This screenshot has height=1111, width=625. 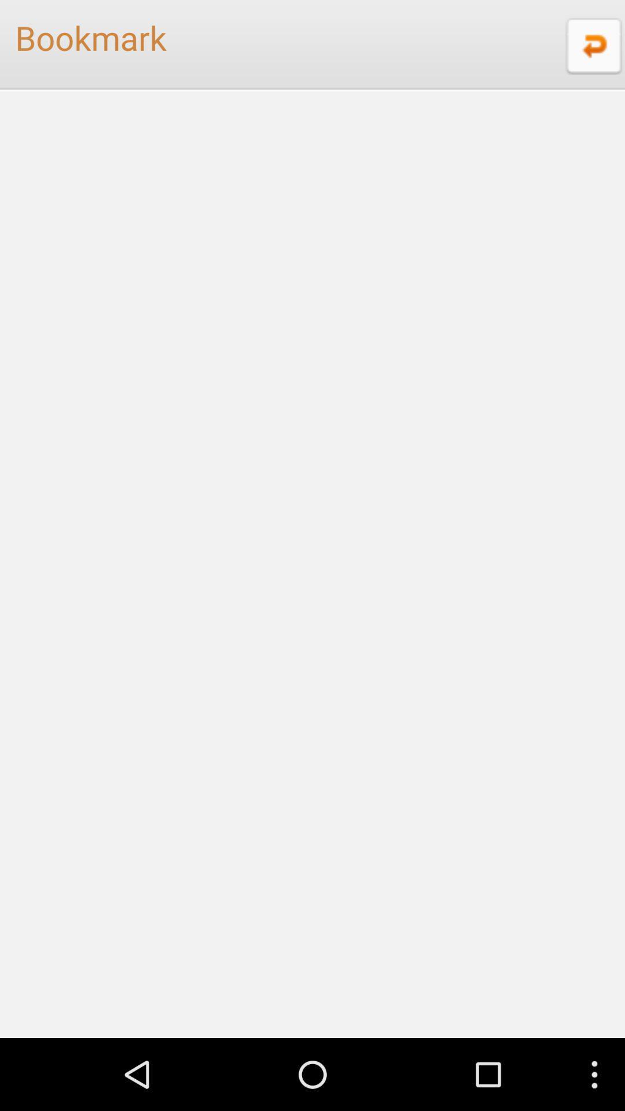 What do you see at coordinates (592, 45) in the screenshot?
I see `item next to bookmark` at bounding box center [592, 45].